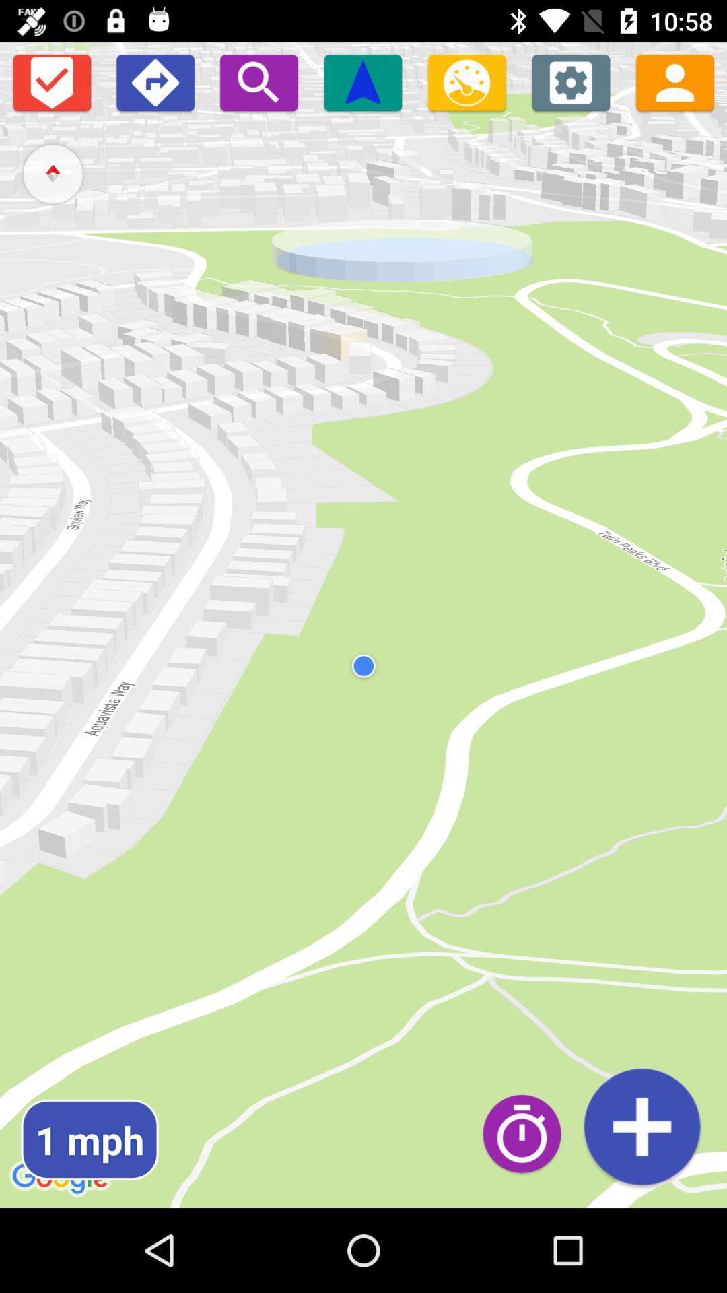 Image resolution: width=727 pixels, height=1293 pixels. I want to click on zoom in, so click(258, 81).